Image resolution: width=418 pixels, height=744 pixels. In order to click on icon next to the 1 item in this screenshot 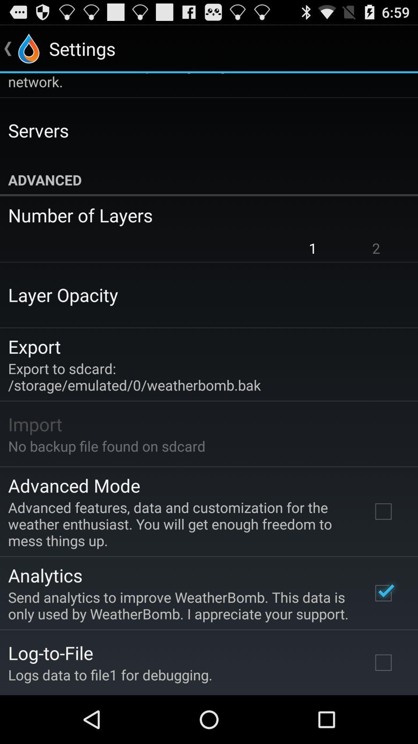, I will do `click(376, 248)`.